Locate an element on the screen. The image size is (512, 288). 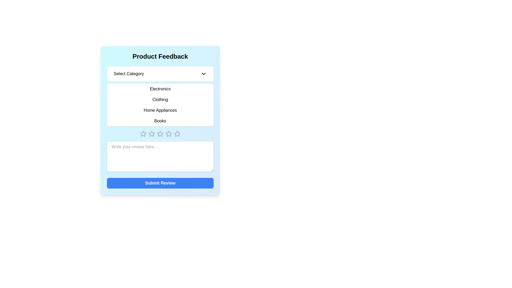
the 'Home Appliances' option in the dropdown menu under the 'Select Category' section is located at coordinates (160, 110).